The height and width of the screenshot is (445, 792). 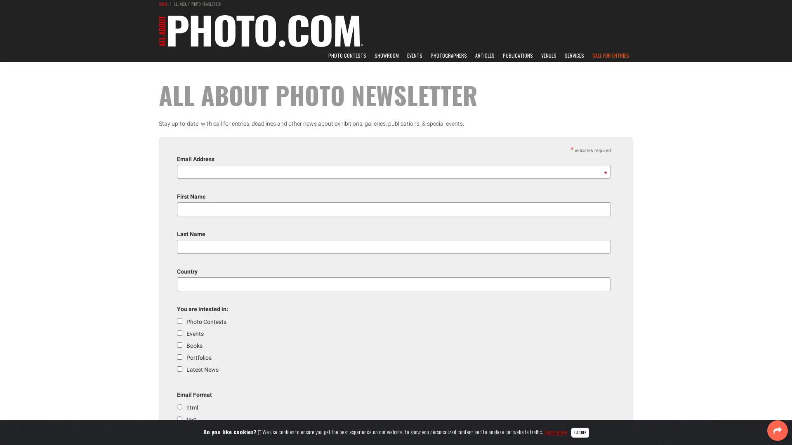 I want to click on PUBLICATIONS, so click(x=517, y=56).